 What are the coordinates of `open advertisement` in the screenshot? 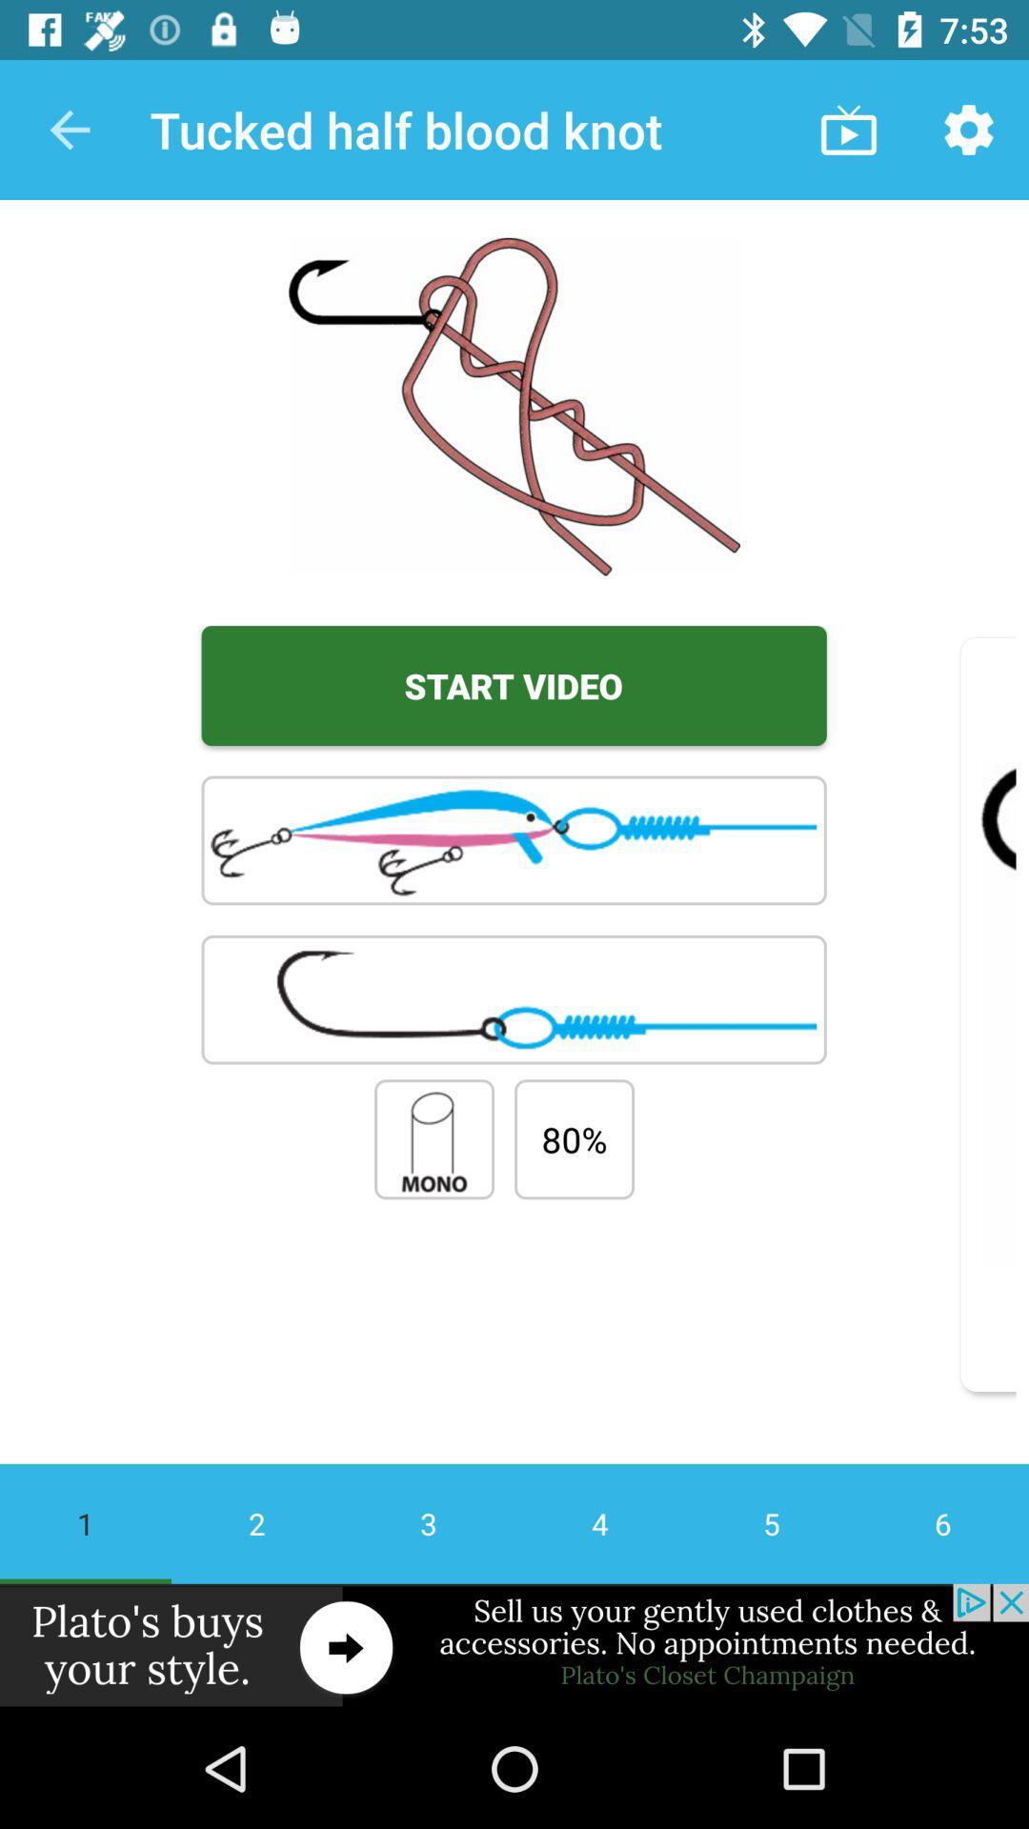 It's located at (514, 1645).